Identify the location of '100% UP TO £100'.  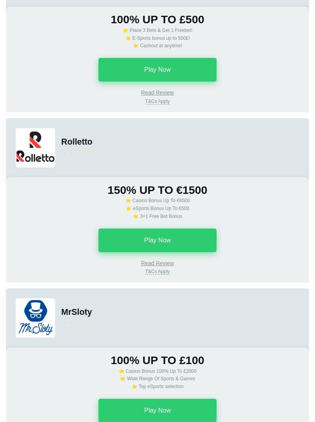
(157, 360).